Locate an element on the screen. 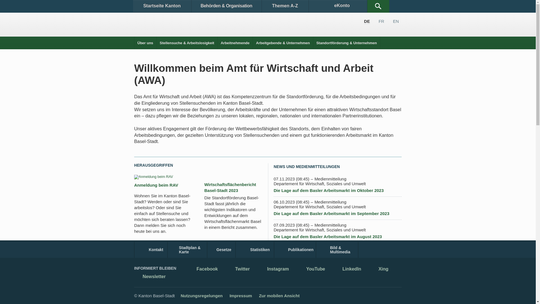 Image resolution: width=540 pixels, height=304 pixels. 'Startseite Kanton' is located at coordinates (161, 6).